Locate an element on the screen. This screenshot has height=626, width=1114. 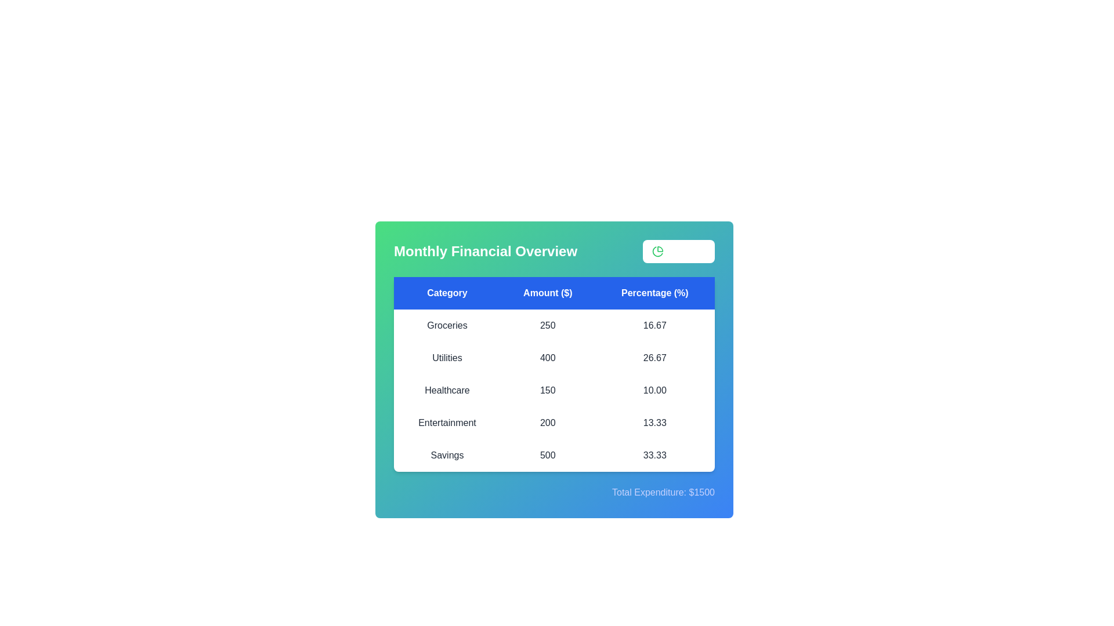
the row corresponding to a specific category Groceries is located at coordinates (447, 326).